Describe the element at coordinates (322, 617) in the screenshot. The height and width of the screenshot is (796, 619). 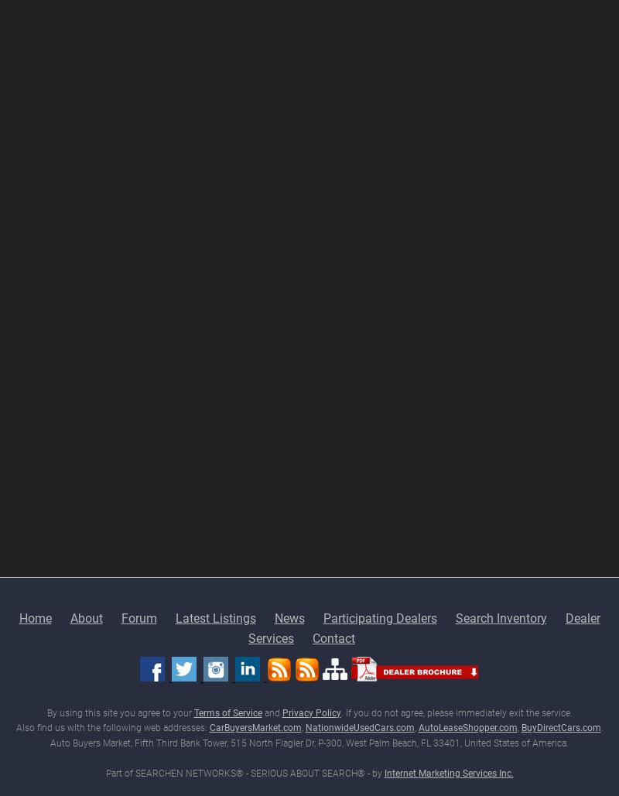
I see `'Participating Dealers'` at that location.